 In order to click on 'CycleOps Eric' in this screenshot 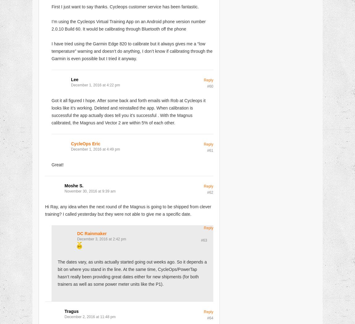, I will do `click(85, 143)`.